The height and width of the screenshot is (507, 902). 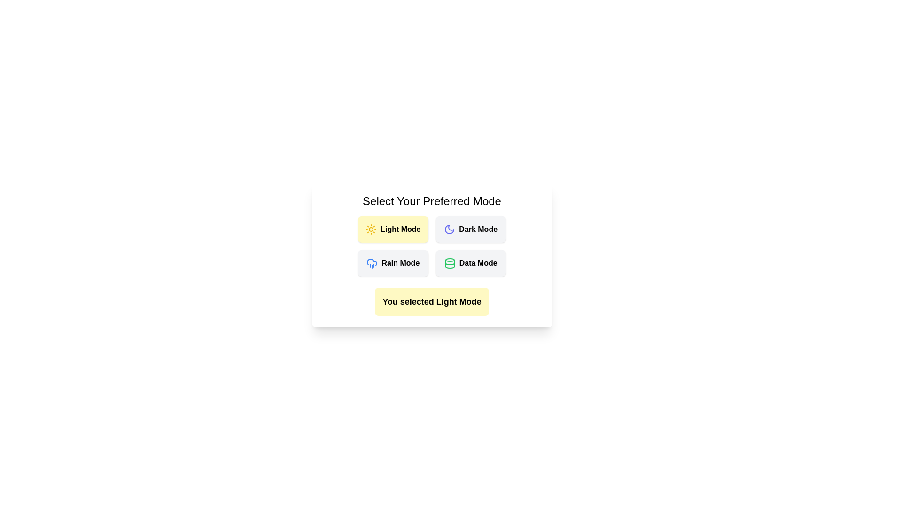 I want to click on the 'Light Mode' button located in the top-left position of the 2x2 grid, so click(x=393, y=230).